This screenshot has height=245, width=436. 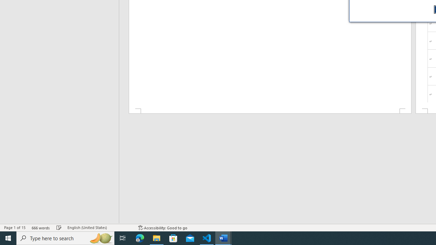 What do you see at coordinates (162, 228) in the screenshot?
I see `'Accessibility Checker Accessibility: Good to go'` at bounding box center [162, 228].